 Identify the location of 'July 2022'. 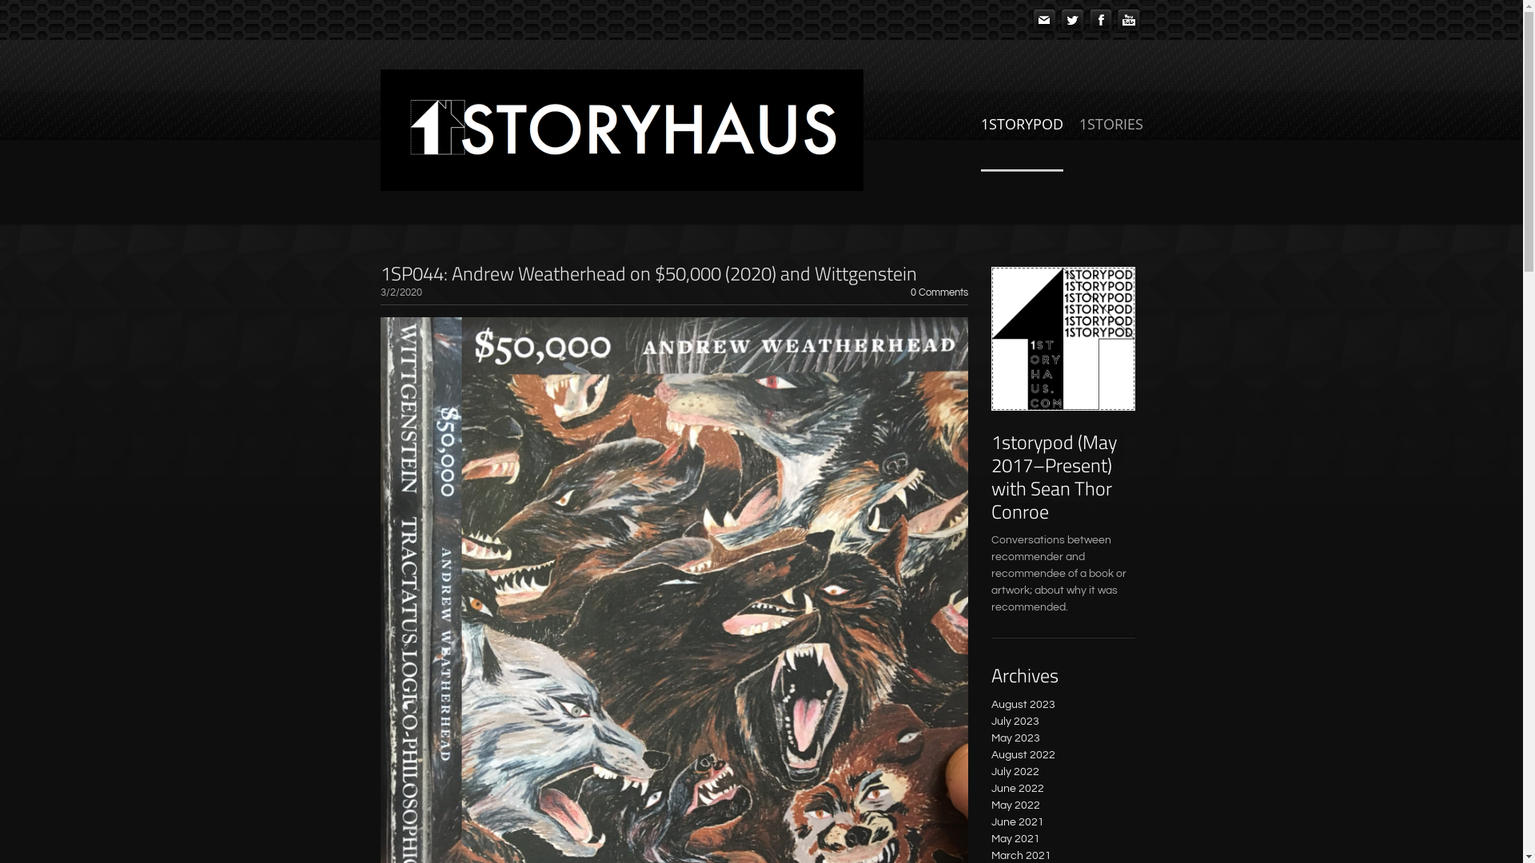
(1015, 770).